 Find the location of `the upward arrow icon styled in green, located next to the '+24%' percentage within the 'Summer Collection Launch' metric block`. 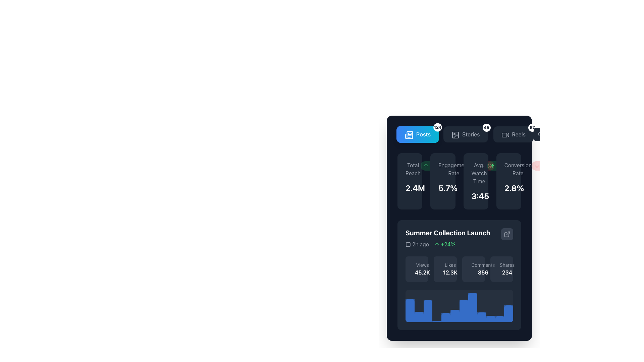

the upward arrow icon styled in green, located next to the '+24%' percentage within the 'Summer Collection Launch' metric block is located at coordinates (437, 244).